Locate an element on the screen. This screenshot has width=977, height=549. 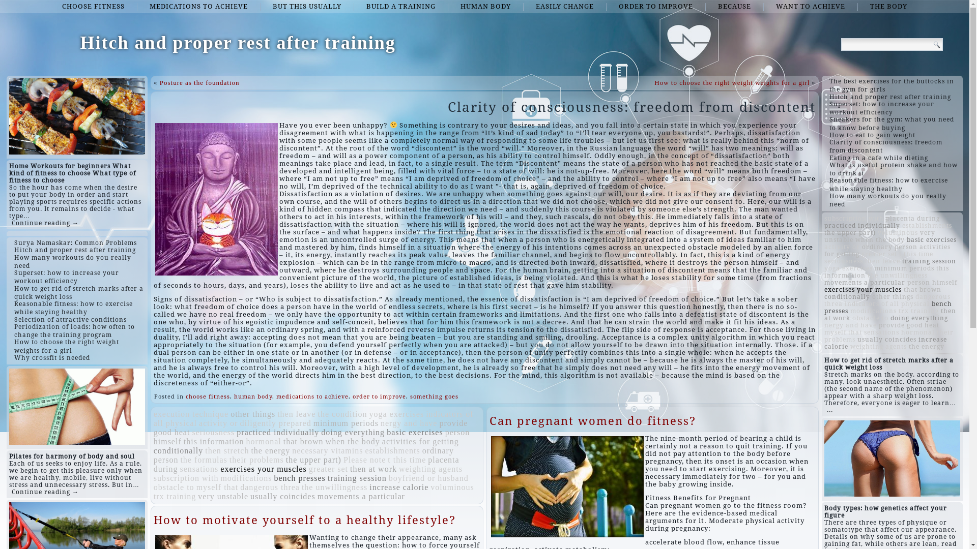
'the unwillingness' is located at coordinates (334, 486).